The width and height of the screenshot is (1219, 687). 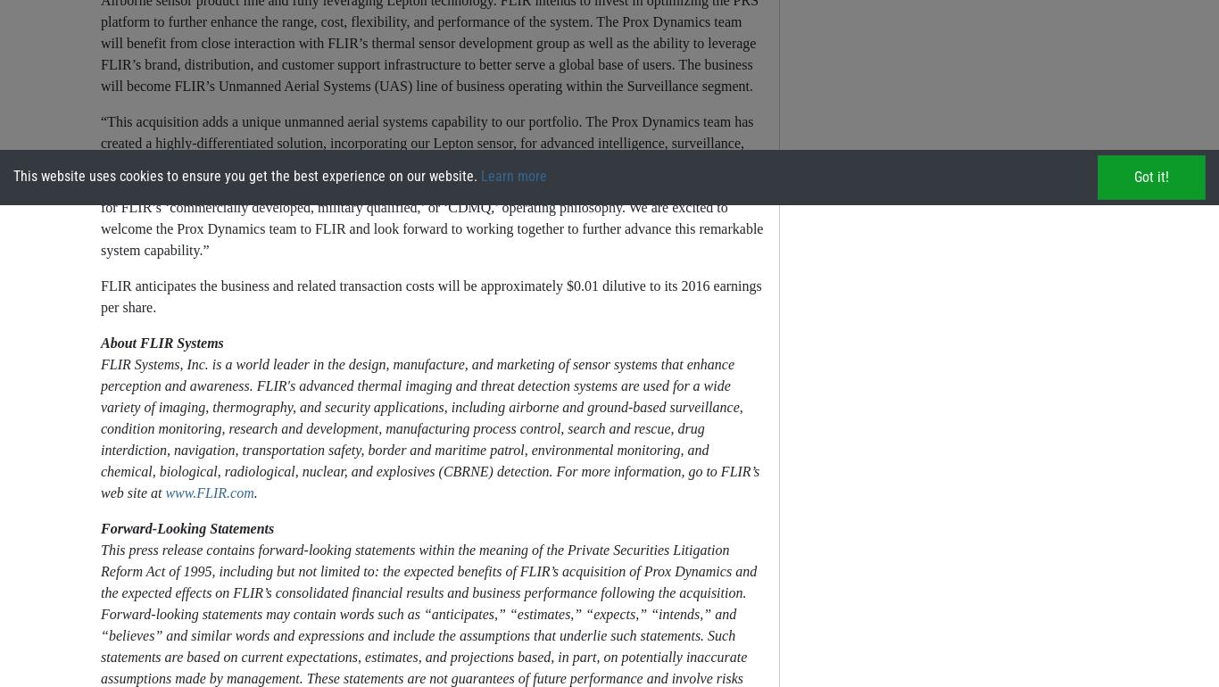 What do you see at coordinates (431, 185) in the screenshot?
I see `'“This acquisition adds a unique unmanned aerial systems capability to our portfolio. The Prox Dynamics team has created a highly-differentiated solution, incorporating our Lepton sensor, for advanced intelligence, surveillance, and reconnaissance that fits well with our vision for growth for our Surveillance segment,” said Andy Teich, President and CEO of FLIR. “The team at Prox Dynamics operates with a commercial mindset, which is a great fit for FLIR’s ‘commercially developed, military qualified,’ or ‘CDMQ,’ operating philosophy. We are excited to welcome the Prox Dynamics team to FLIR and look forward to working together to further advance this remarkable system capability.”'` at bounding box center [431, 185].